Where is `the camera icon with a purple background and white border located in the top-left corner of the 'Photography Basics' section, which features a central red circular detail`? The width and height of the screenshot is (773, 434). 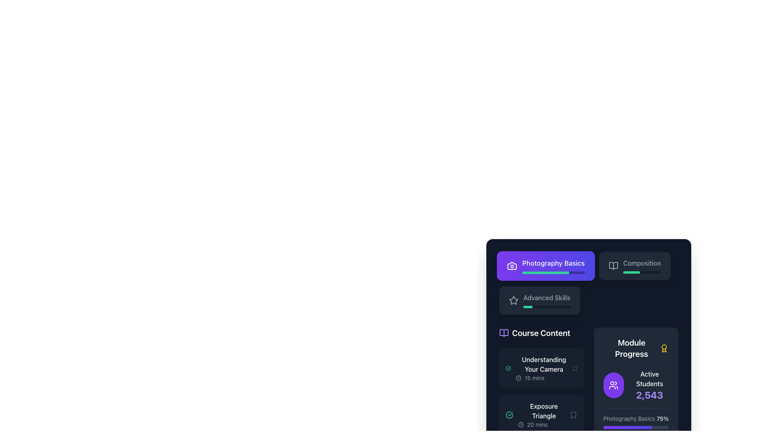 the camera icon with a purple background and white border located in the top-left corner of the 'Photography Basics' section, which features a central red circular detail is located at coordinates (512, 266).